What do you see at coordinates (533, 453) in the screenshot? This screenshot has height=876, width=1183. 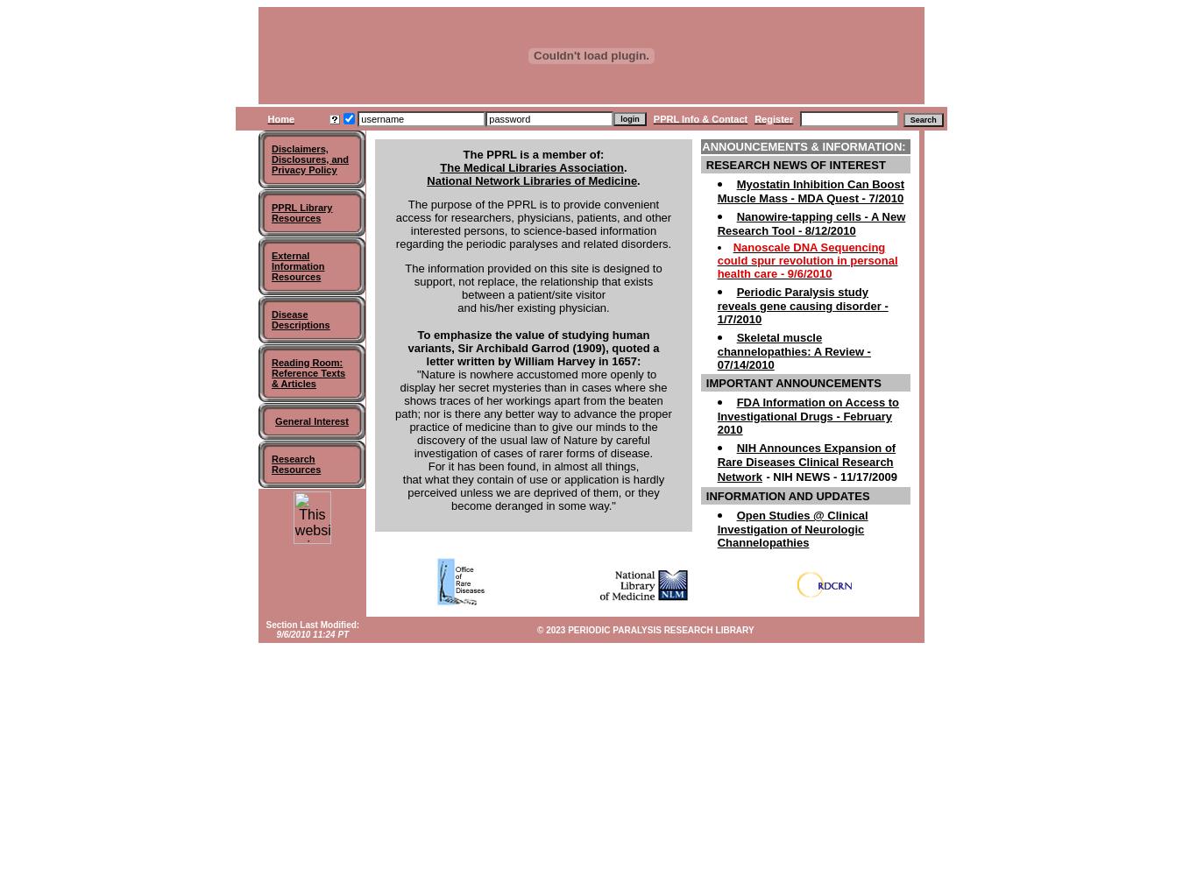 I see `'investigation of cases of rarer forms of disease.'` at bounding box center [533, 453].